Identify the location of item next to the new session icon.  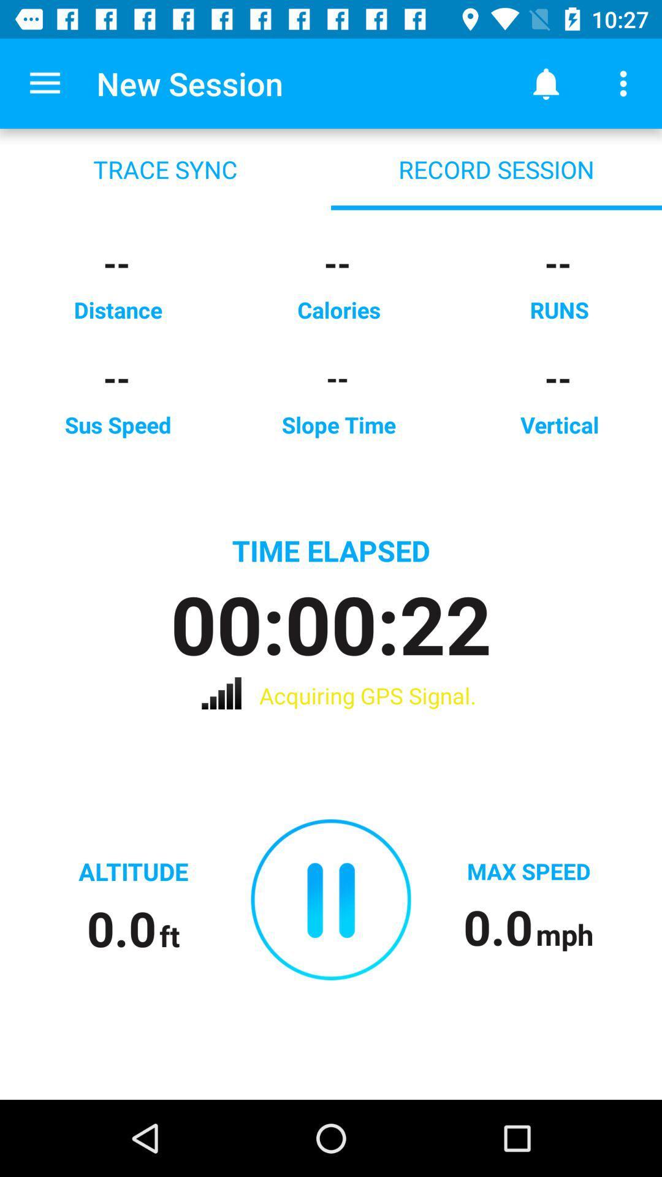
(44, 83).